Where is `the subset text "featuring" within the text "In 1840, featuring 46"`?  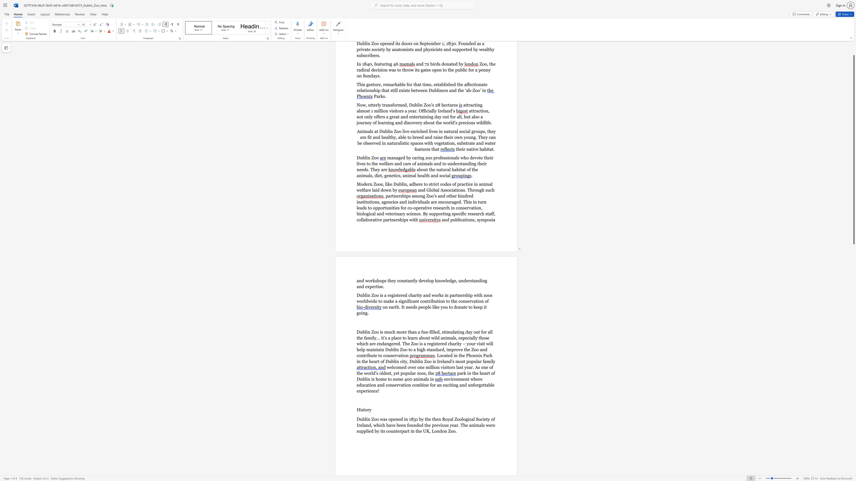 the subset text "featuring" within the text "In 1840, featuring 46" is located at coordinates (374, 64).